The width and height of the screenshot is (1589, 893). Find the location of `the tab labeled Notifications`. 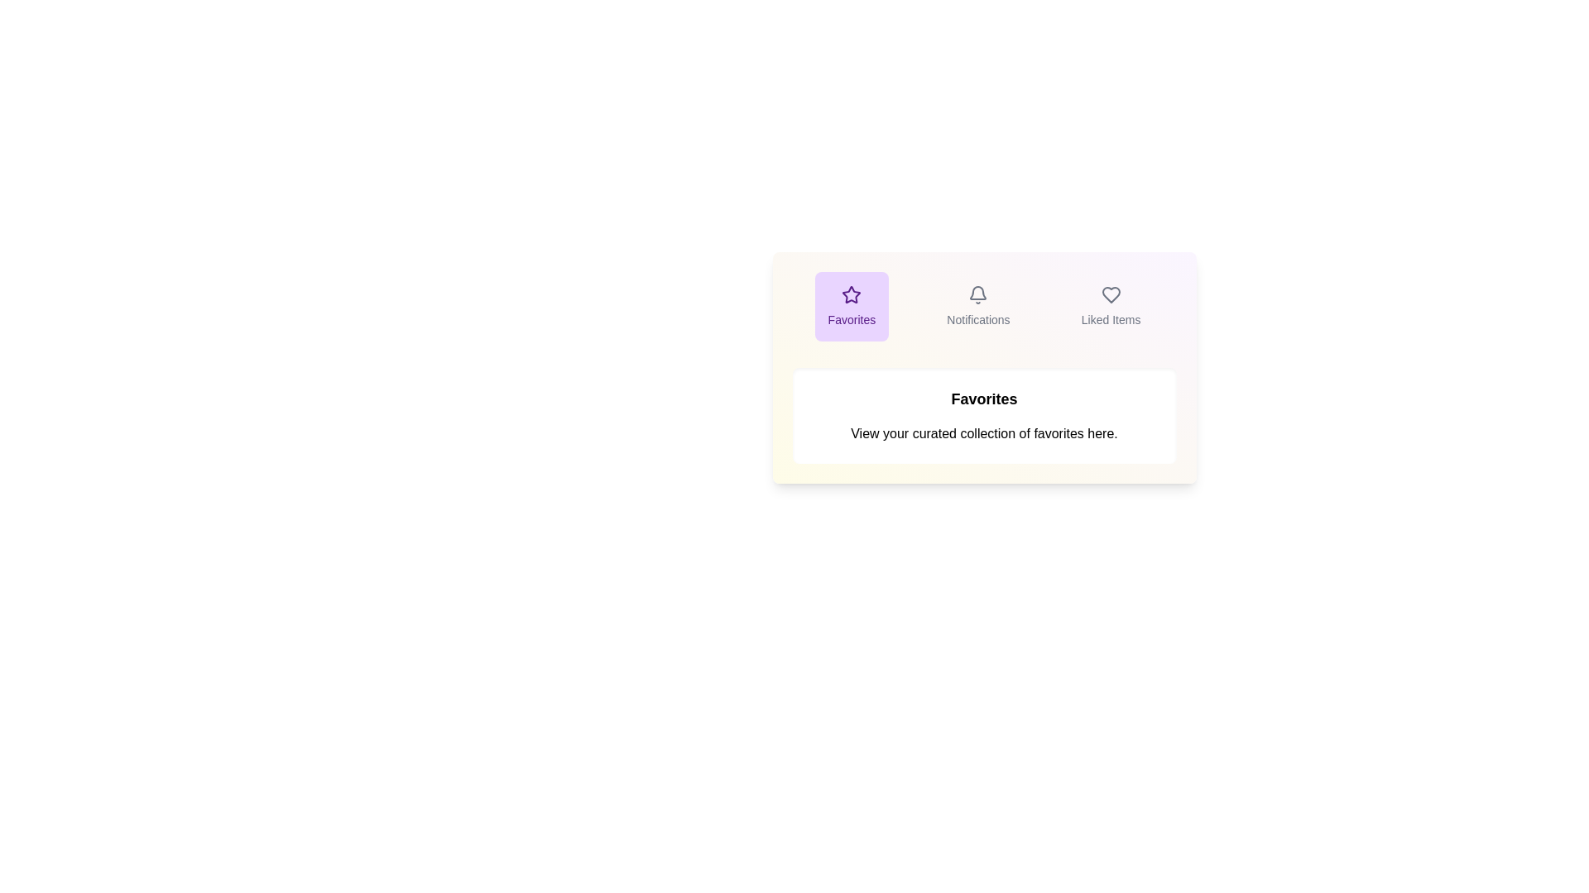

the tab labeled Notifications is located at coordinates (978, 306).